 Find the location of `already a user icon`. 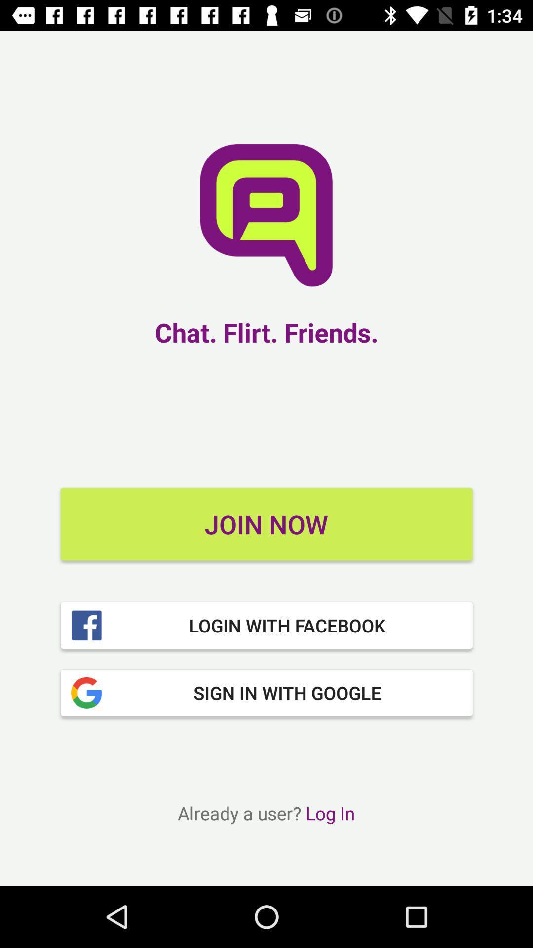

already a user icon is located at coordinates (266, 813).